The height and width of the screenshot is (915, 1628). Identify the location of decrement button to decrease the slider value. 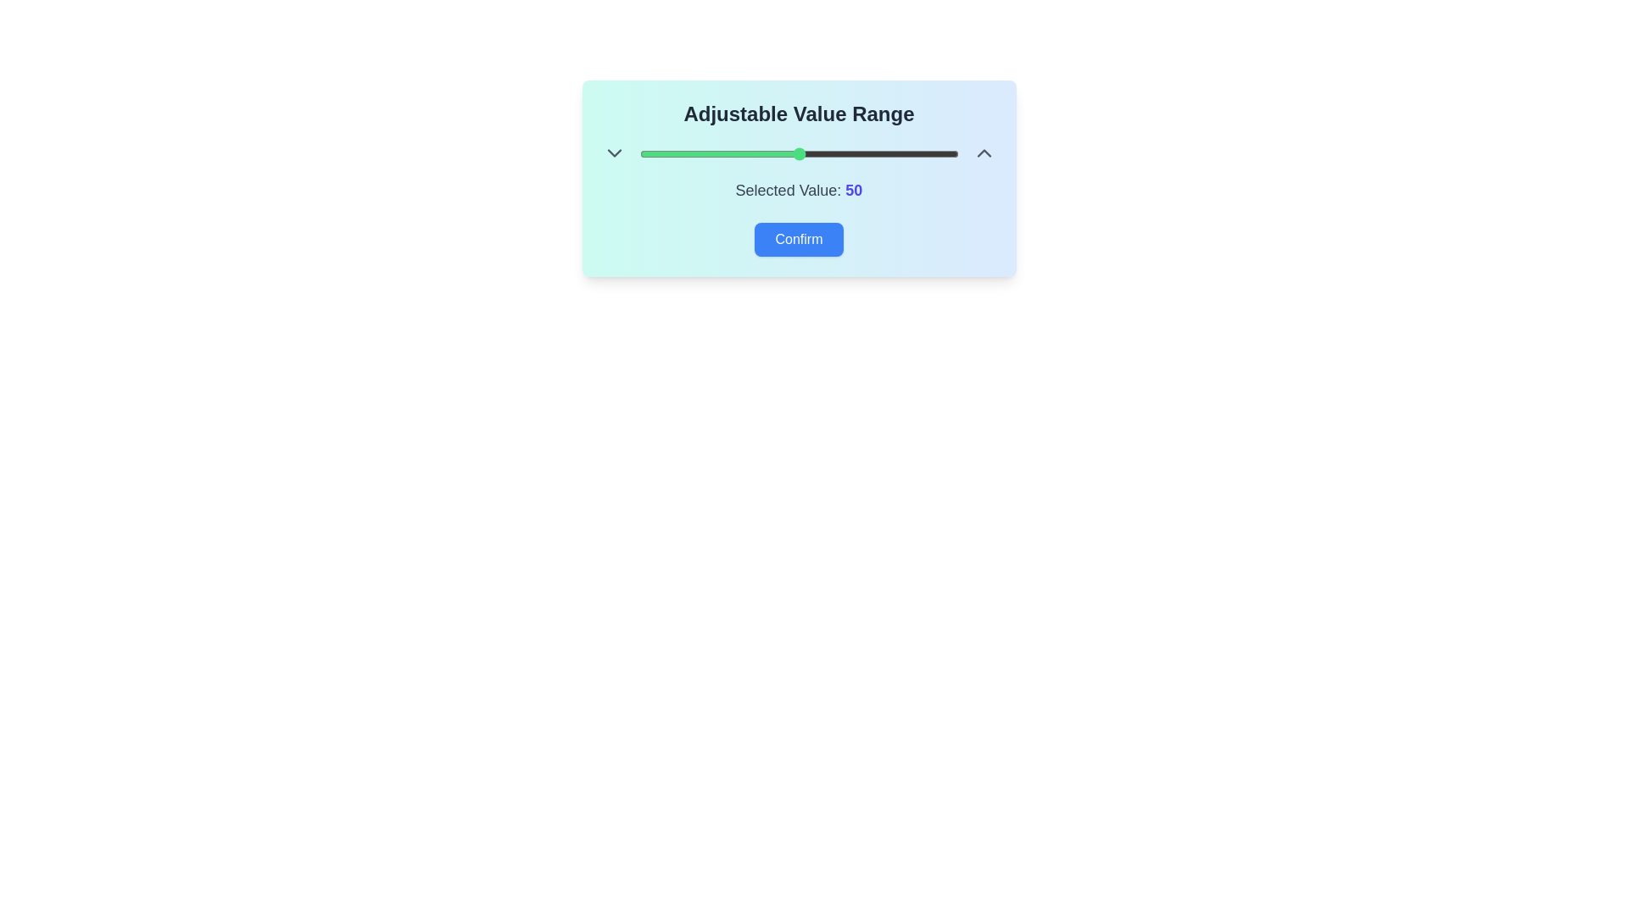
(613, 153).